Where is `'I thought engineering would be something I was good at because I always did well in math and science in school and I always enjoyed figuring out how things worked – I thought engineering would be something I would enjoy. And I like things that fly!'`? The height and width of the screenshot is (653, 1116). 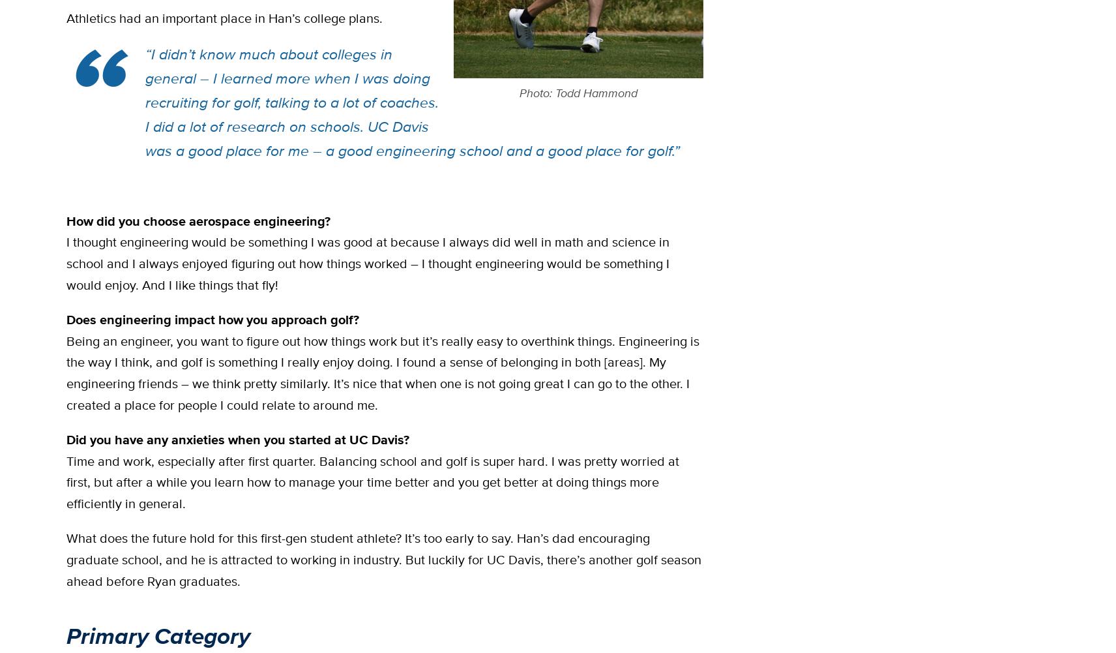
'I thought engineering would be something I was good at because I always did well in math and science in school and I always enjoyed figuring out how things worked – I thought engineering would be something I would enjoy. And I like things that fly!' is located at coordinates (367, 262).